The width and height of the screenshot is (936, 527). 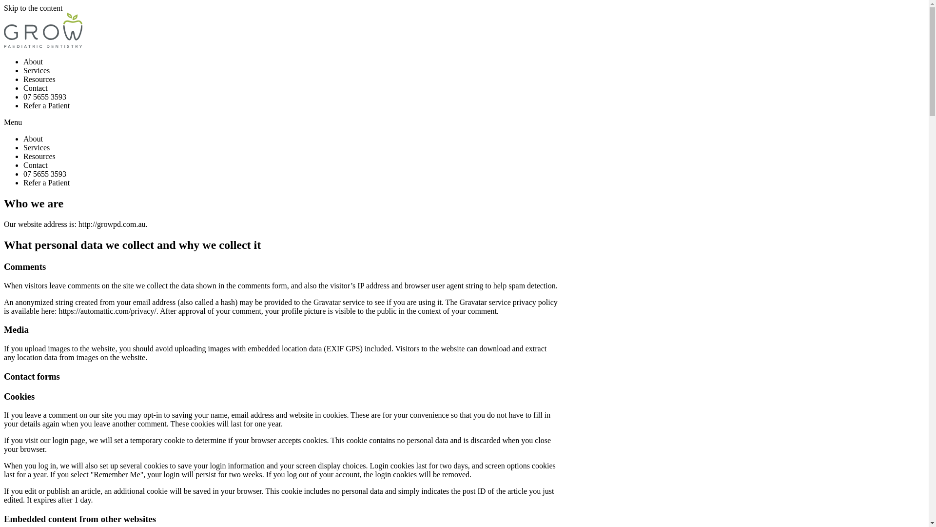 I want to click on '07 5655 3593', so click(x=44, y=173).